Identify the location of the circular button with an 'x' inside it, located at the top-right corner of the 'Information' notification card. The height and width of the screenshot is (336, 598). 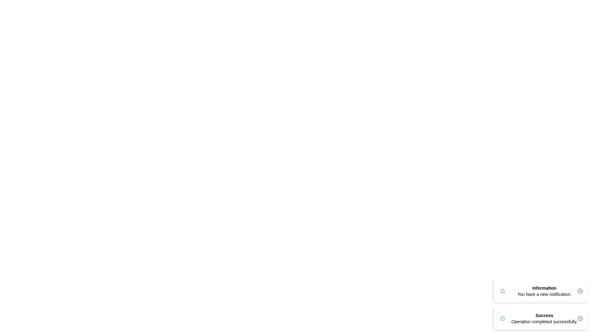
(580, 291).